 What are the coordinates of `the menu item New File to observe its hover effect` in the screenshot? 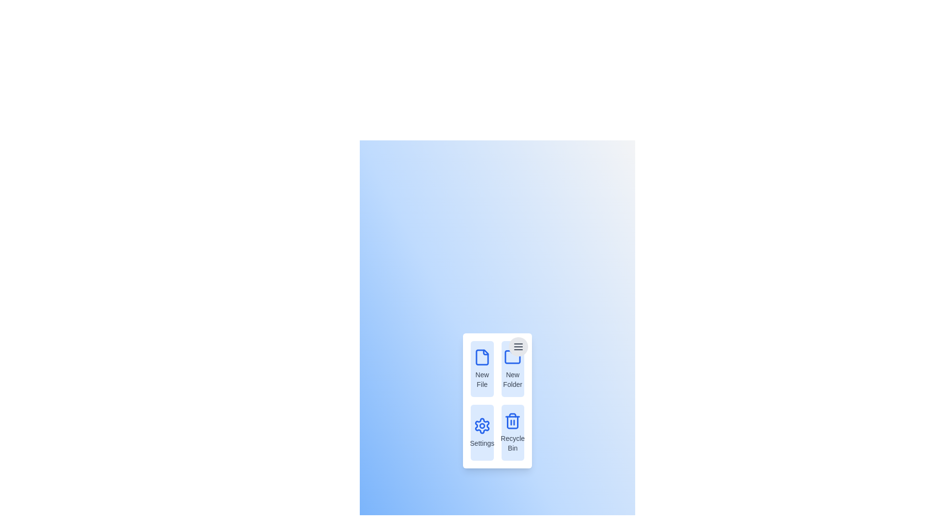 It's located at (482, 369).